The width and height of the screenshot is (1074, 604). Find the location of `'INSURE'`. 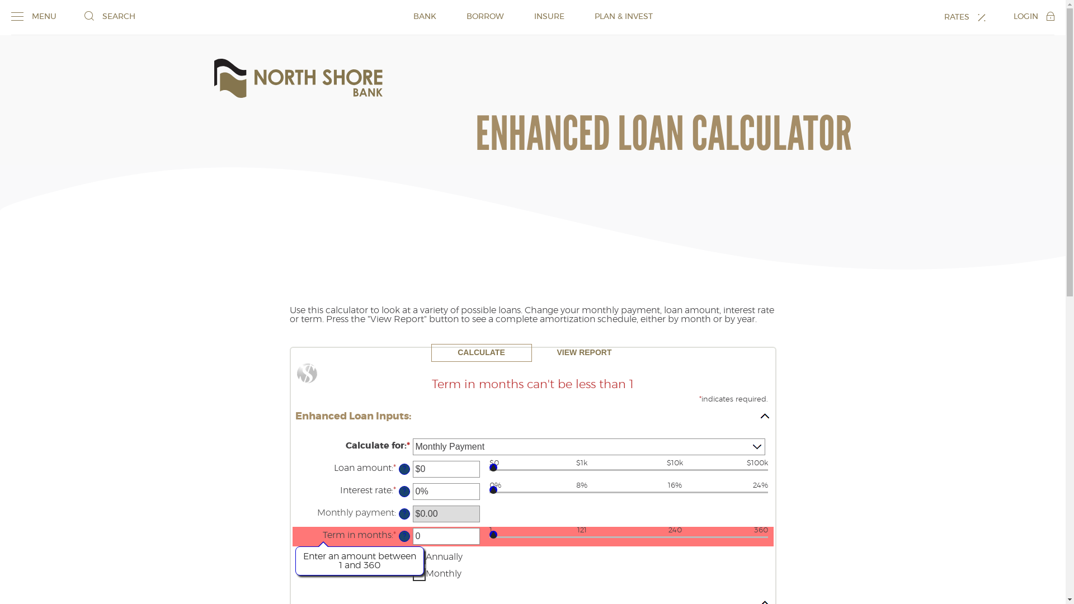

'INSURE' is located at coordinates (533, 17).